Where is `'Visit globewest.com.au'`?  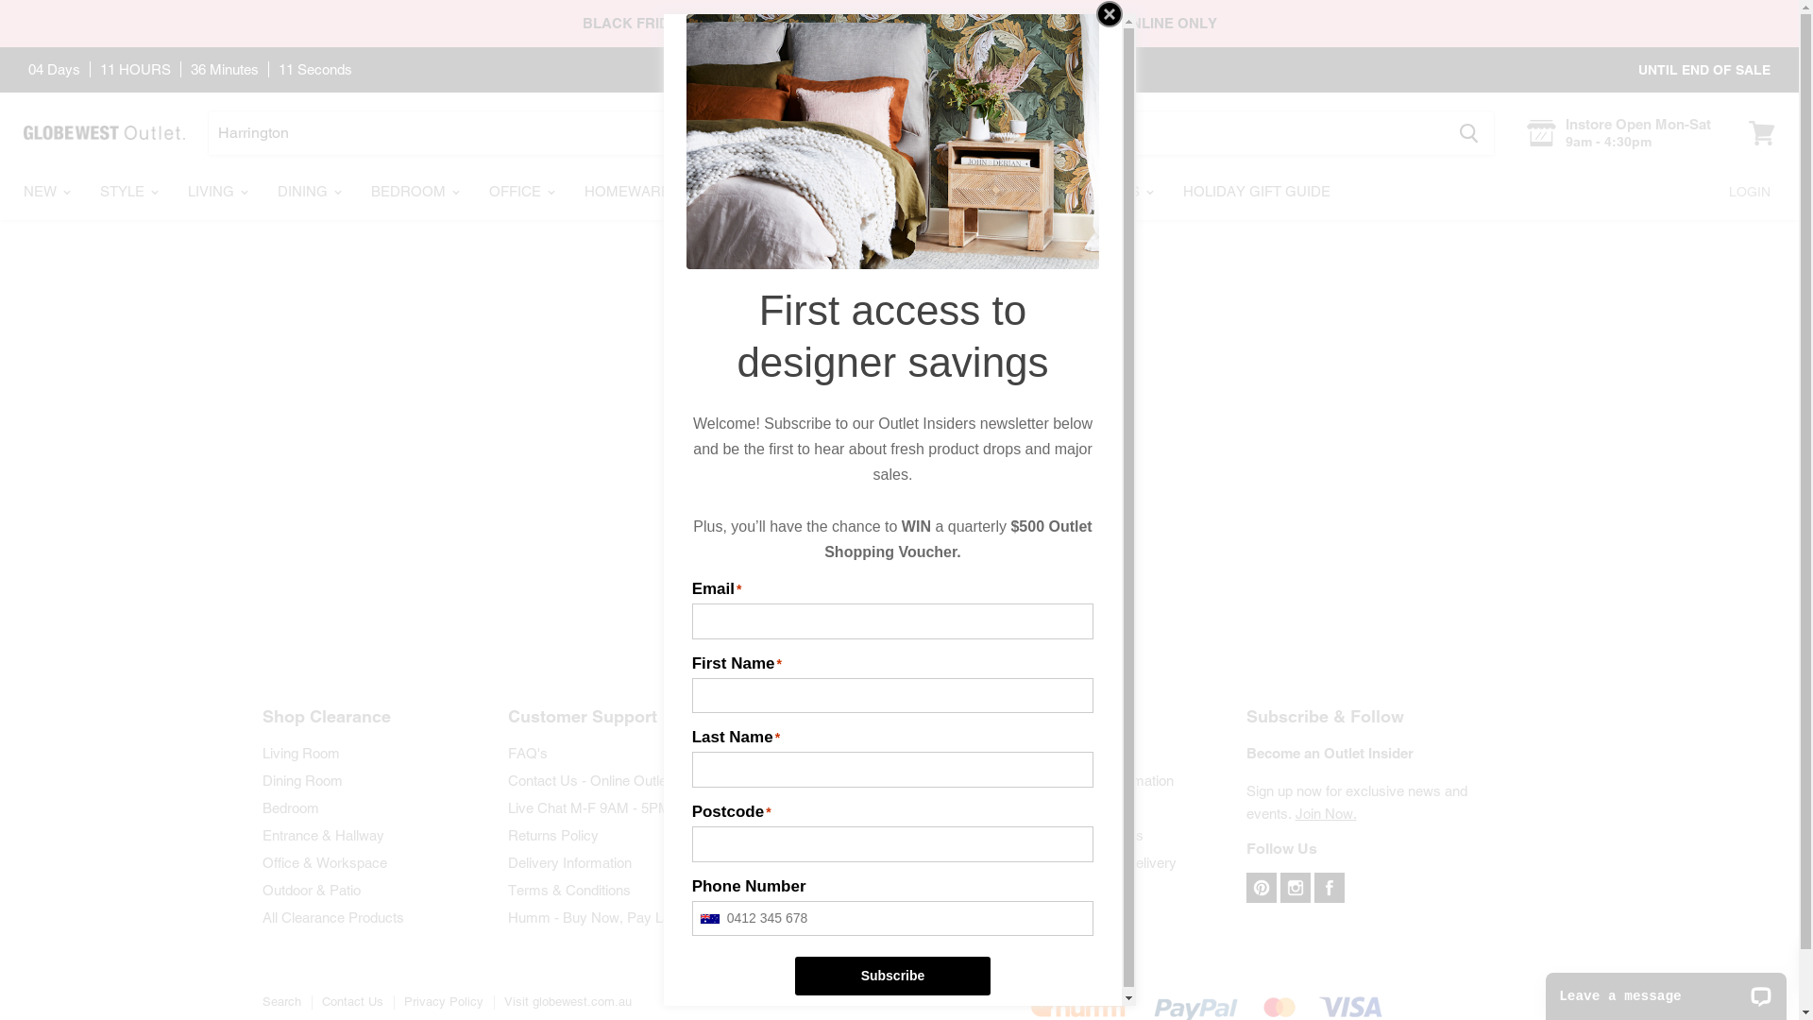
'Visit globewest.com.au' is located at coordinates (503, 1000).